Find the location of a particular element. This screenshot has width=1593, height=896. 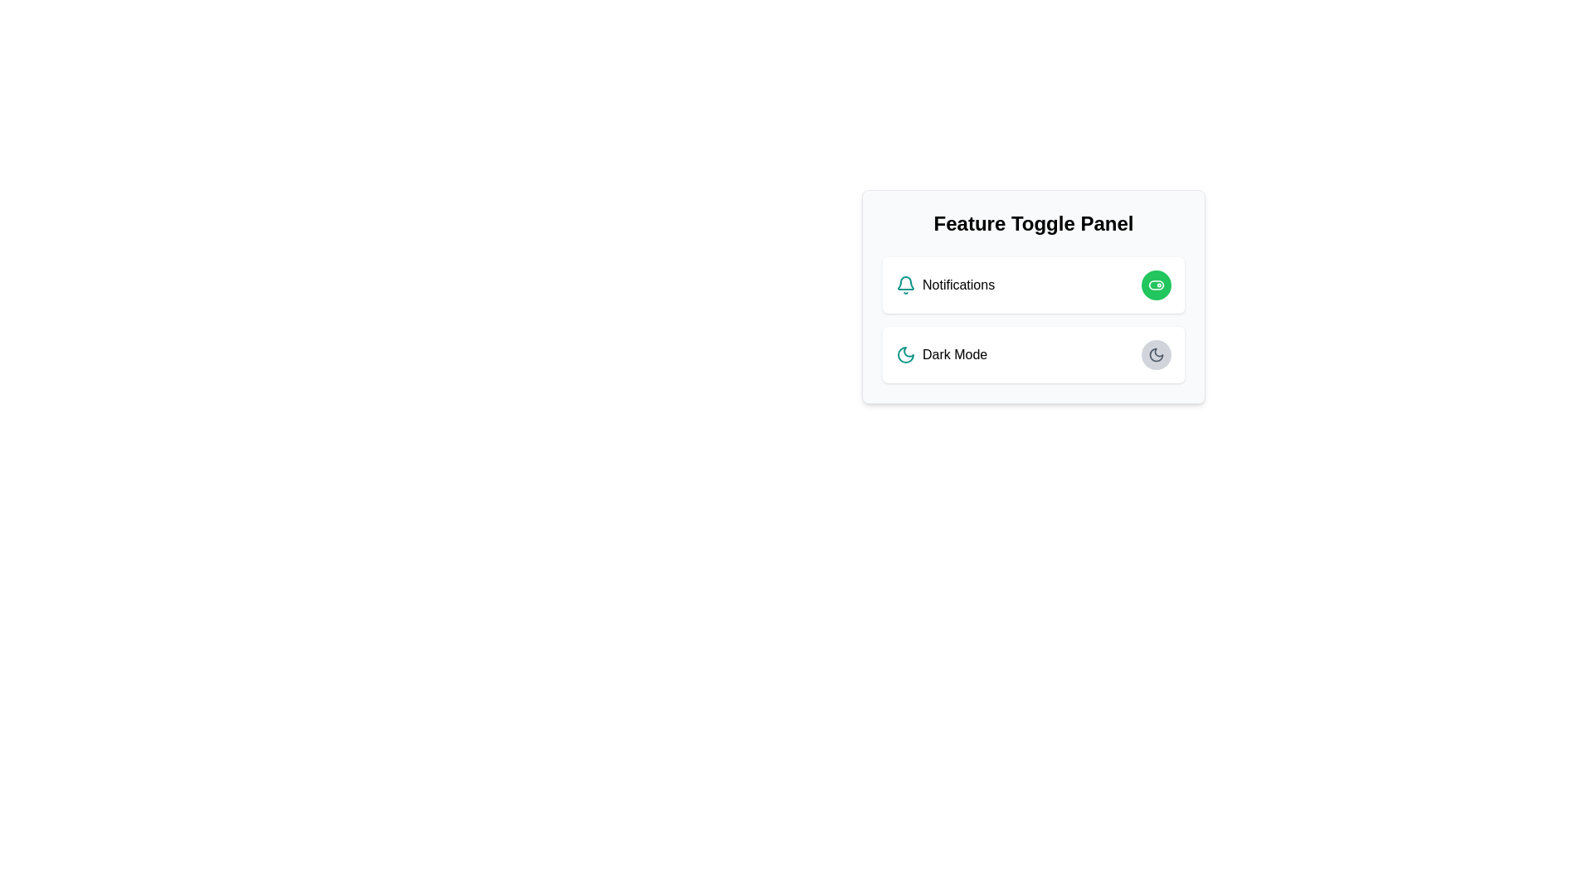

the toggle switches on the control panel for 'Notifications' and 'Dark Mode' located in the upper-right portion of the interface is located at coordinates (1033, 296).